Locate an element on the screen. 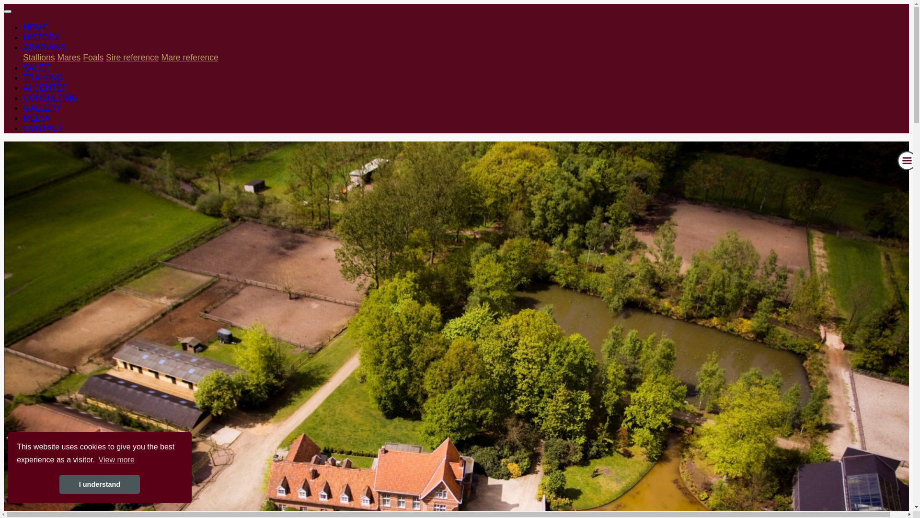 The width and height of the screenshot is (920, 518). 'CONSULTING' is located at coordinates (23, 98).